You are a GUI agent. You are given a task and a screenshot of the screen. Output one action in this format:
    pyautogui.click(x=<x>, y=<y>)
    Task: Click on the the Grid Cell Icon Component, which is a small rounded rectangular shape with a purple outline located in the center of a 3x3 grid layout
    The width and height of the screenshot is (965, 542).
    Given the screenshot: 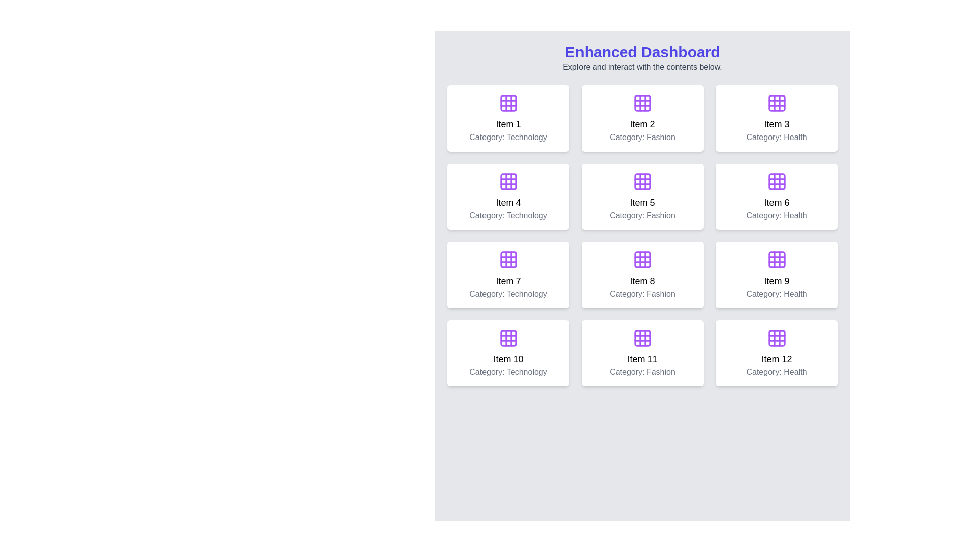 What is the action you would take?
    pyautogui.click(x=642, y=338)
    